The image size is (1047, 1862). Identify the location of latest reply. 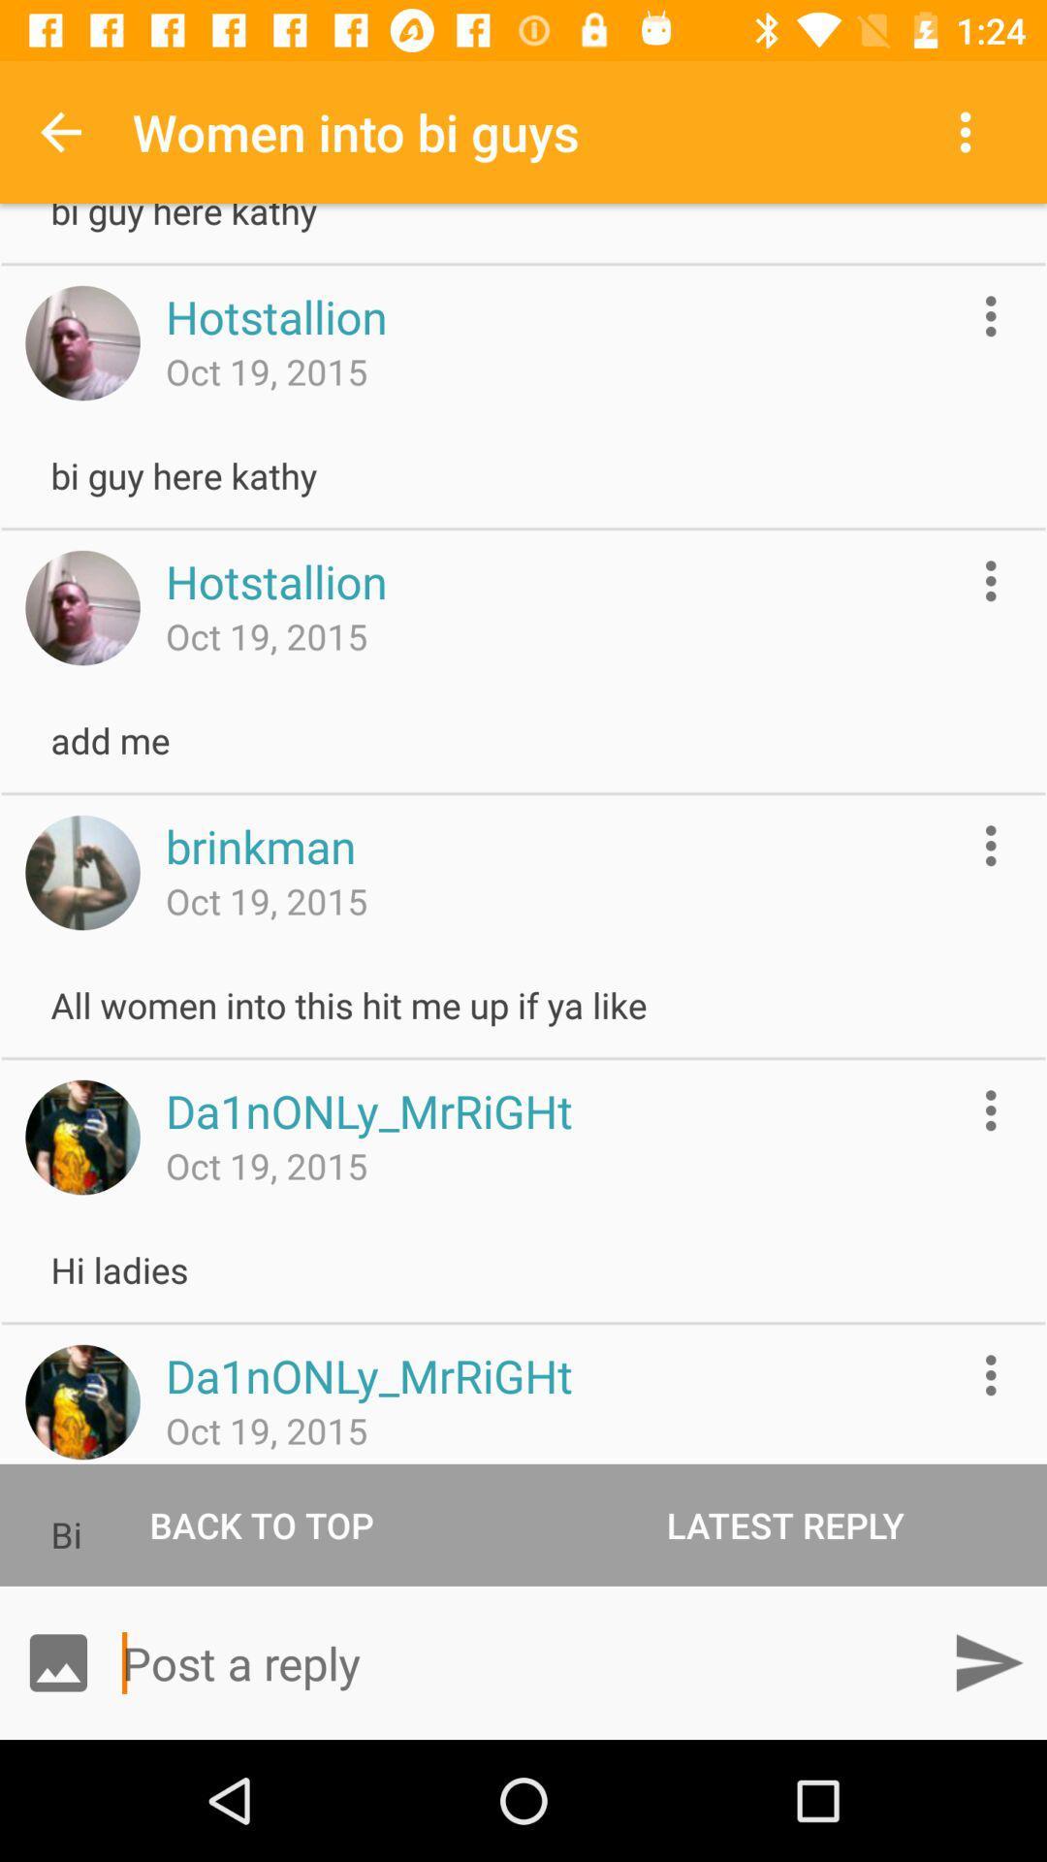
(785, 1524).